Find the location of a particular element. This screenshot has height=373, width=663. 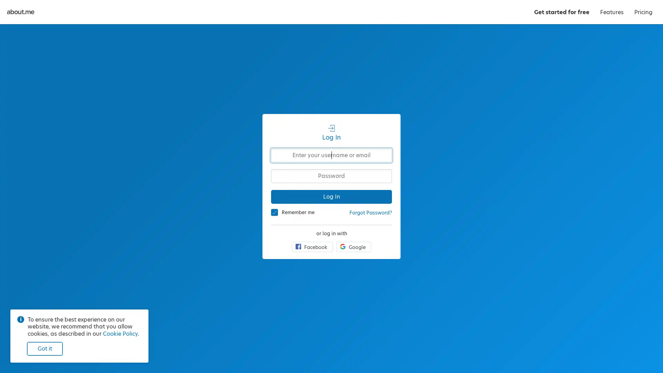

Got it is located at coordinates (44, 349).